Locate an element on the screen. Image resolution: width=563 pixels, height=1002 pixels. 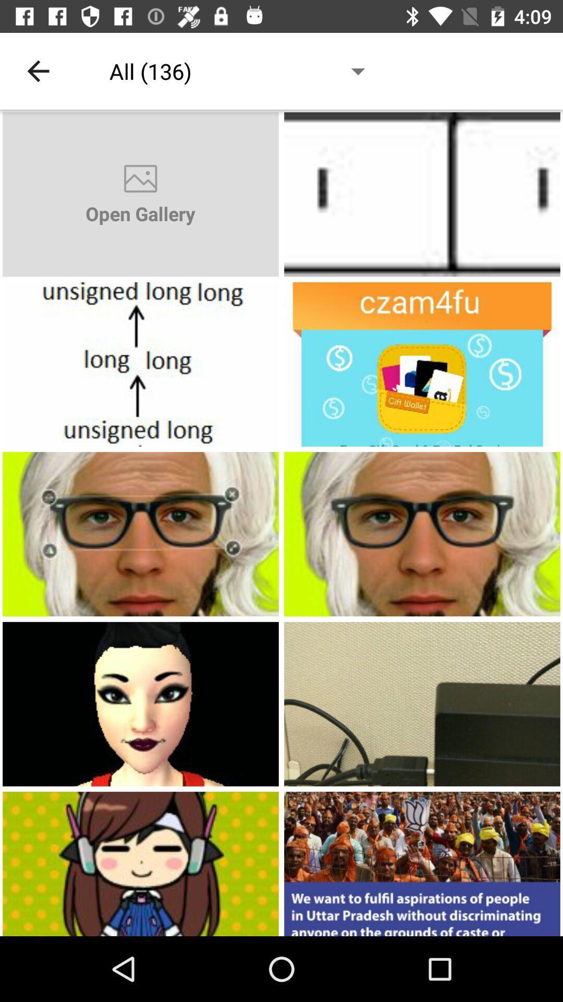
open a photo is located at coordinates (141, 704).